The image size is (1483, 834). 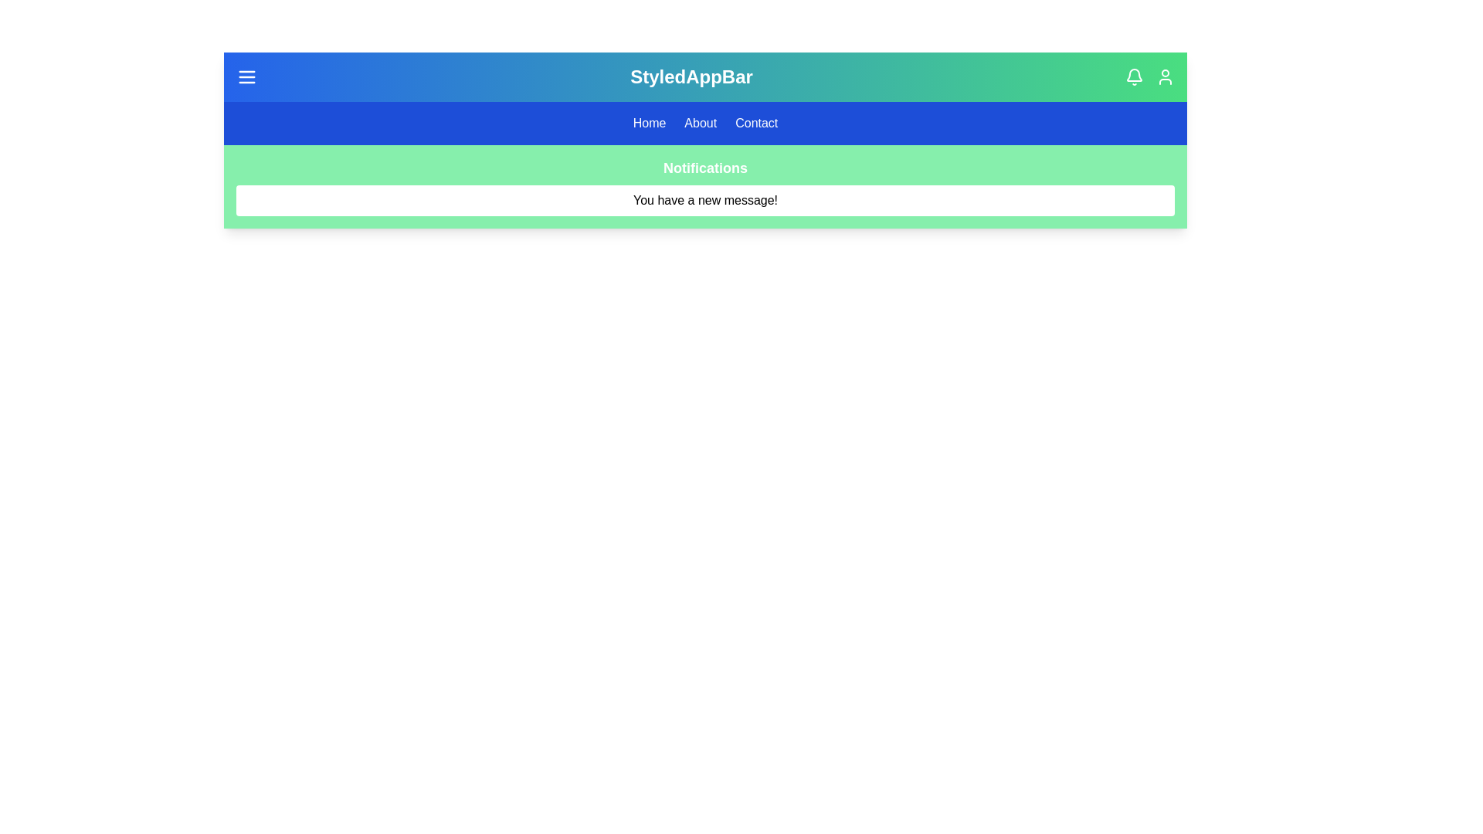 I want to click on the 'About' button in the navigation menu located directly below the 'StyledAppBar' title bar, so click(x=704, y=122).